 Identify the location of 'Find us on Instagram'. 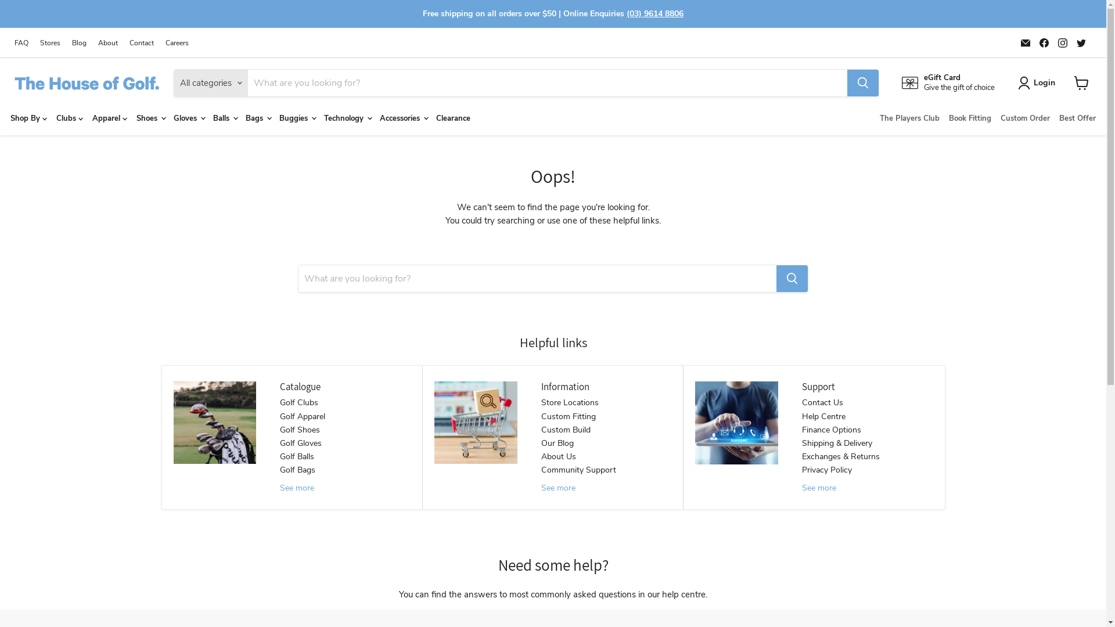
(1062, 42).